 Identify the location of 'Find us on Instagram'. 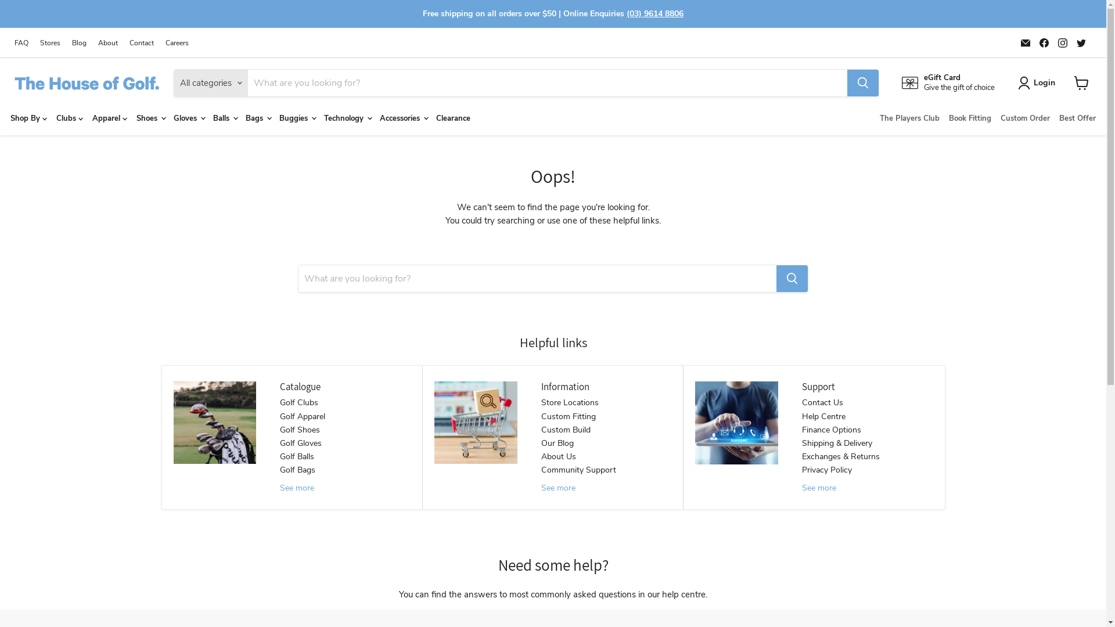
(1062, 42).